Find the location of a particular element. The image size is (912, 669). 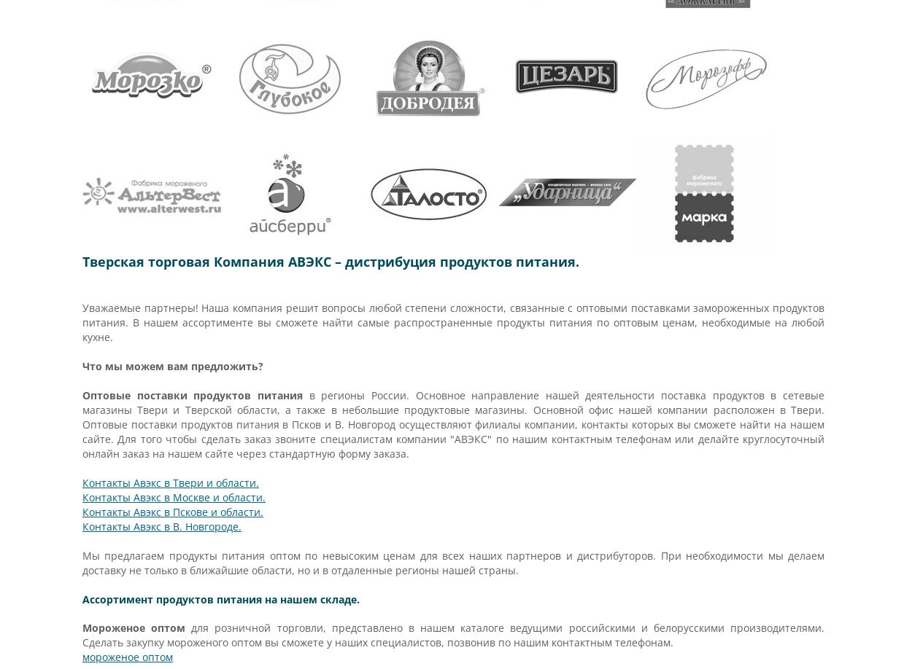

'в регионы России. Основное направление нашей деятельности поставка продуктов в сетевые магазины Твери и Тверской области, а также в небольшие продуктовые магазины. Основной офис нашей компании расположен в Твери. Оптовые поставки продуктов питания в Псков и В. Новгород осуществляют филиалы компании, контакты которых вы сможете найти на нашем сайте. Для того чтобы сделать заказ звоните специалистам компании "АВЭКС" по нашим контактным телефонам или делайте круглосуточный онлайн заказ на нашем сайте через стандартную форму заказа.' is located at coordinates (452, 423).